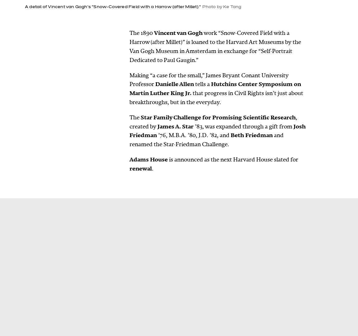 The height and width of the screenshot is (336, 358). What do you see at coordinates (129, 79) in the screenshot?
I see `'Making “a case for the small,” James Bryant Conant University Professor'` at bounding box center [129, 79].